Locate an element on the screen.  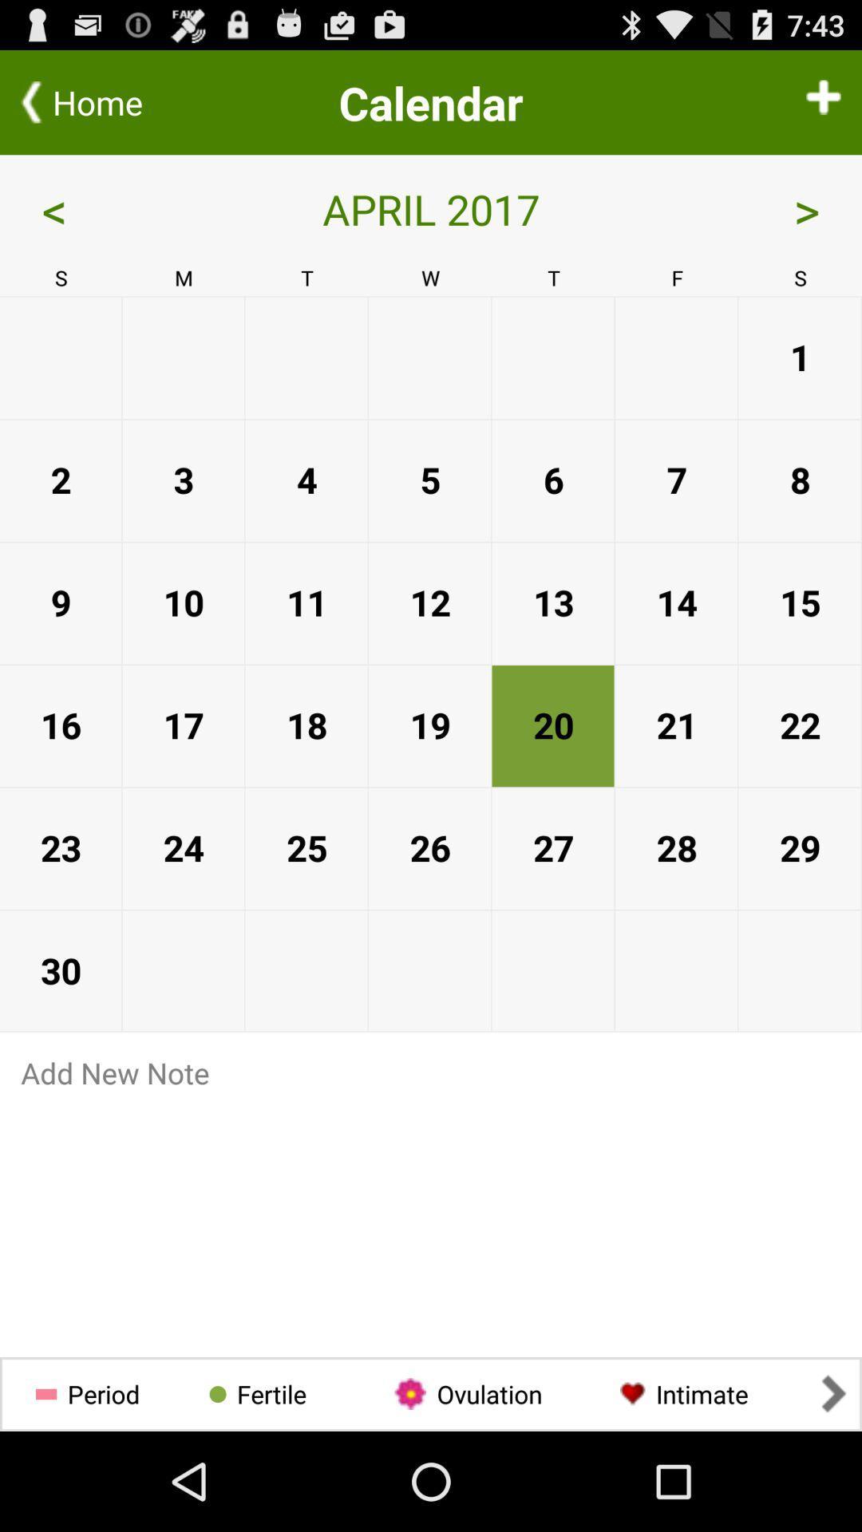
< app is located at coordinates (108, 208).